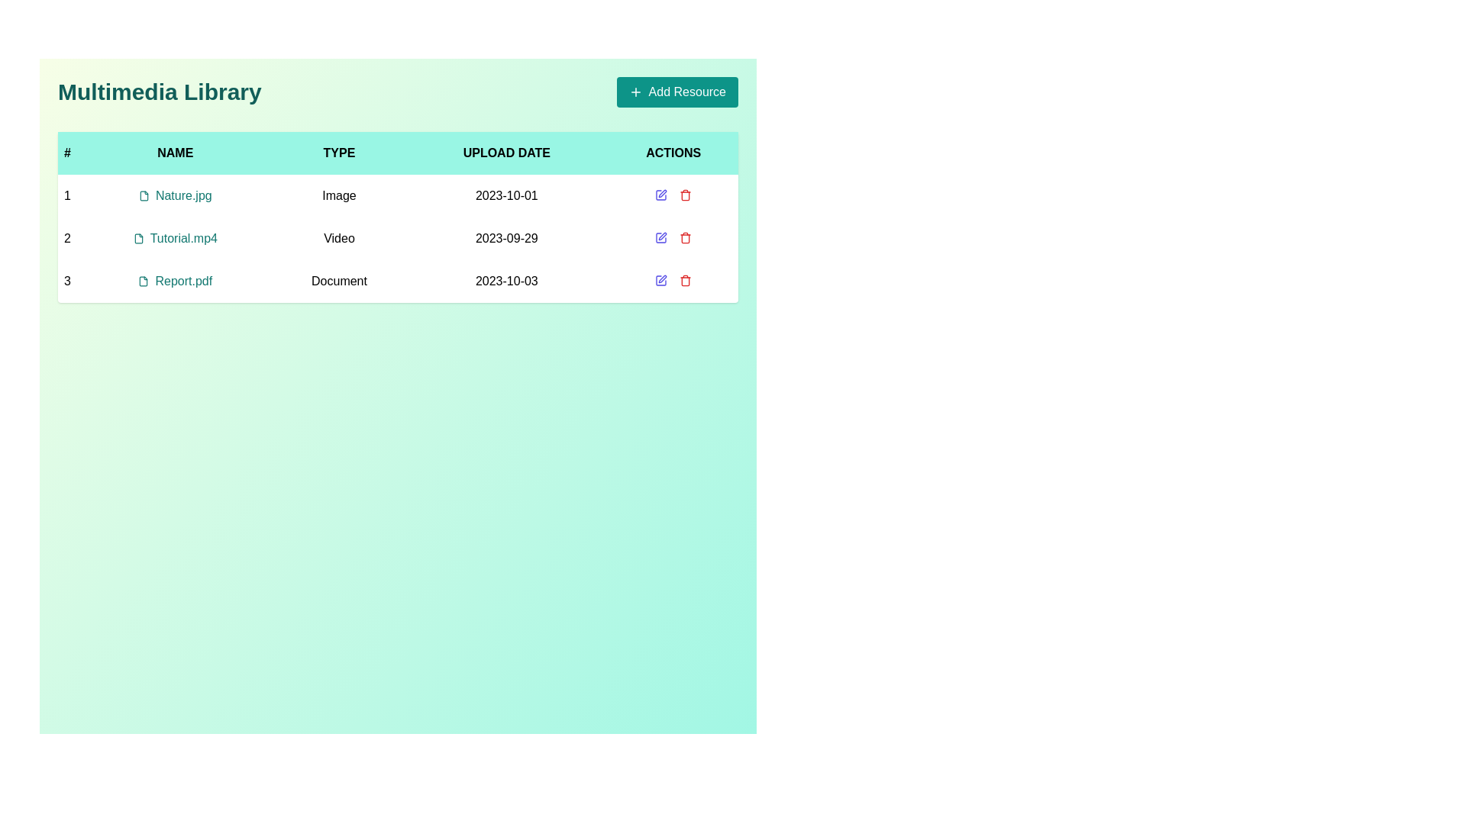 The width and height of the screenshot is (1466, 824). I want to click on the bin icon in the second row of the 'Actions' column, so click(684, 238).